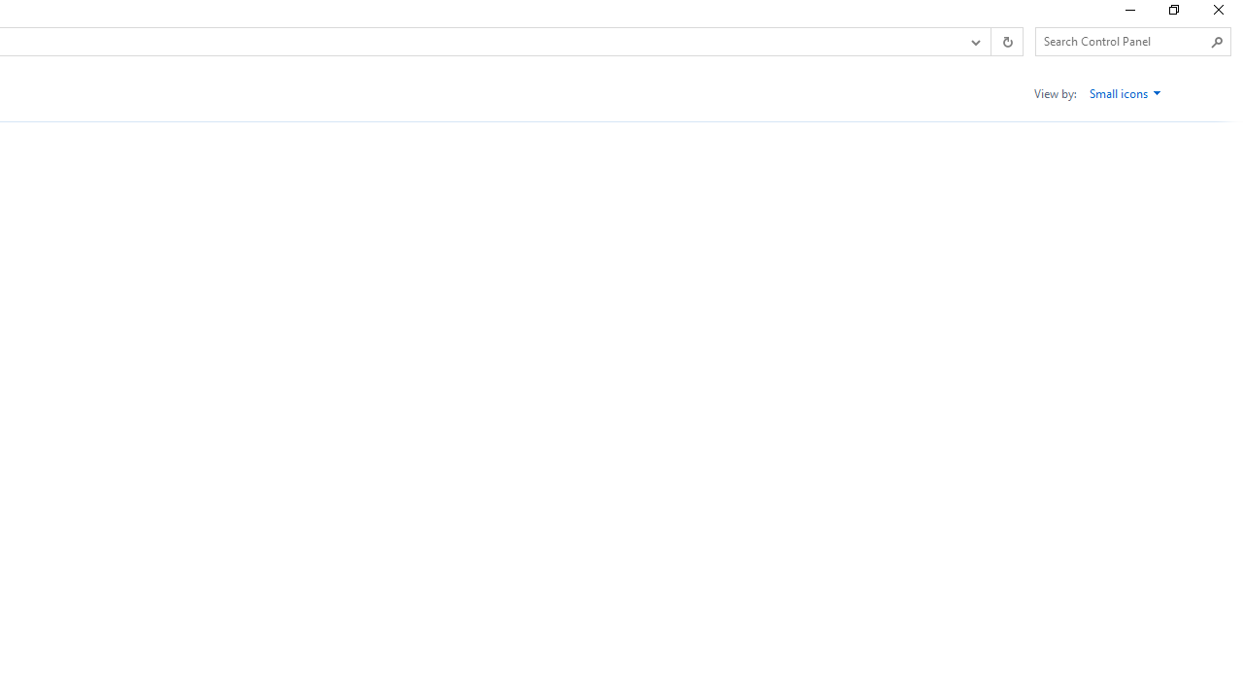  Describe the element at coordinates (1128, 15) in the screenshot. I see `'Minimize'` at that location.